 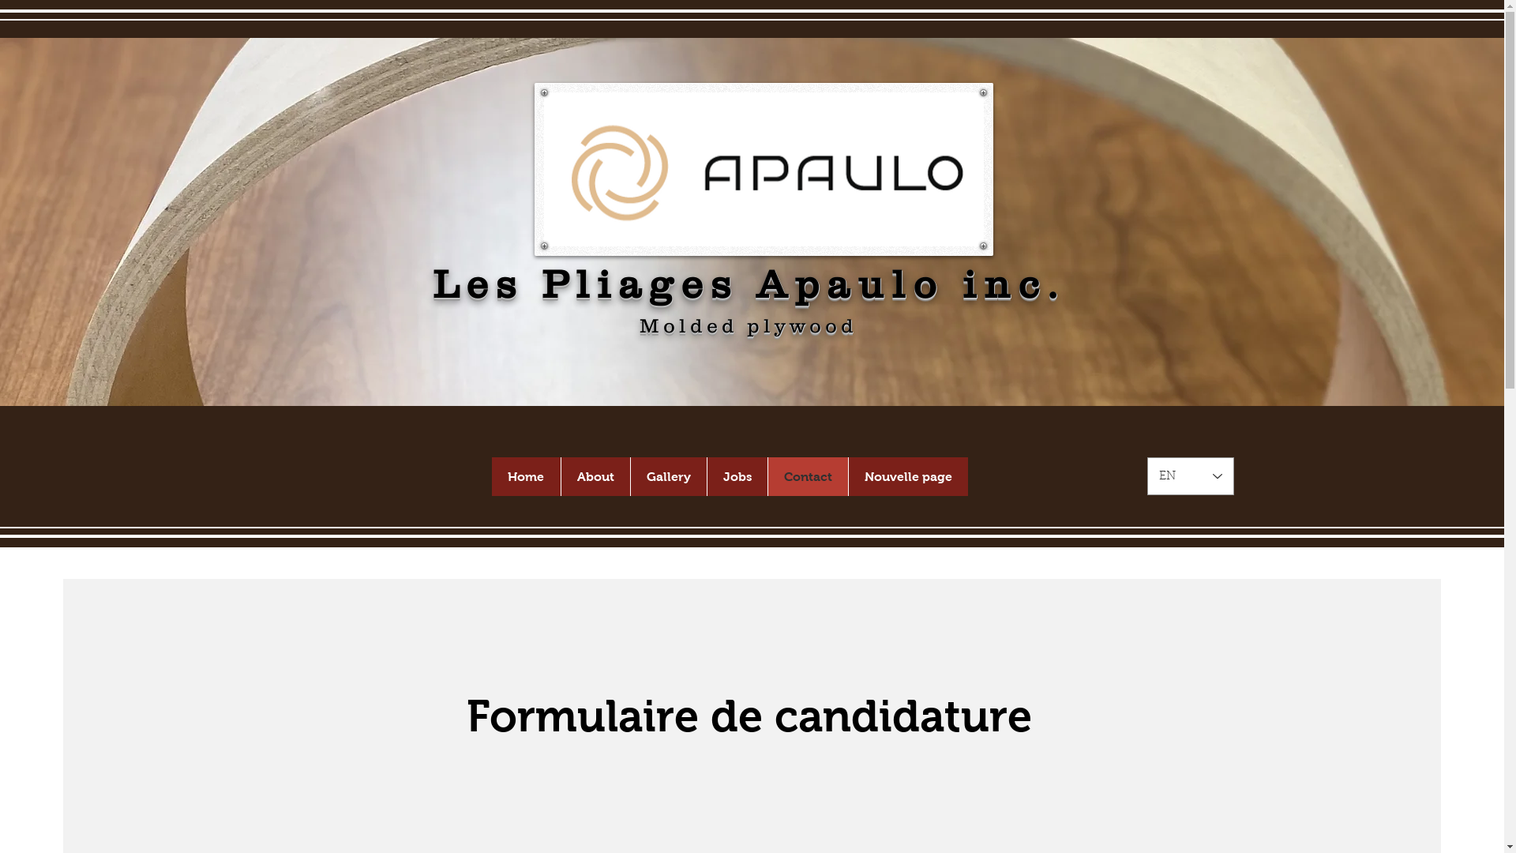 I want to click on 'Jobs', so click(x=735, y=475).